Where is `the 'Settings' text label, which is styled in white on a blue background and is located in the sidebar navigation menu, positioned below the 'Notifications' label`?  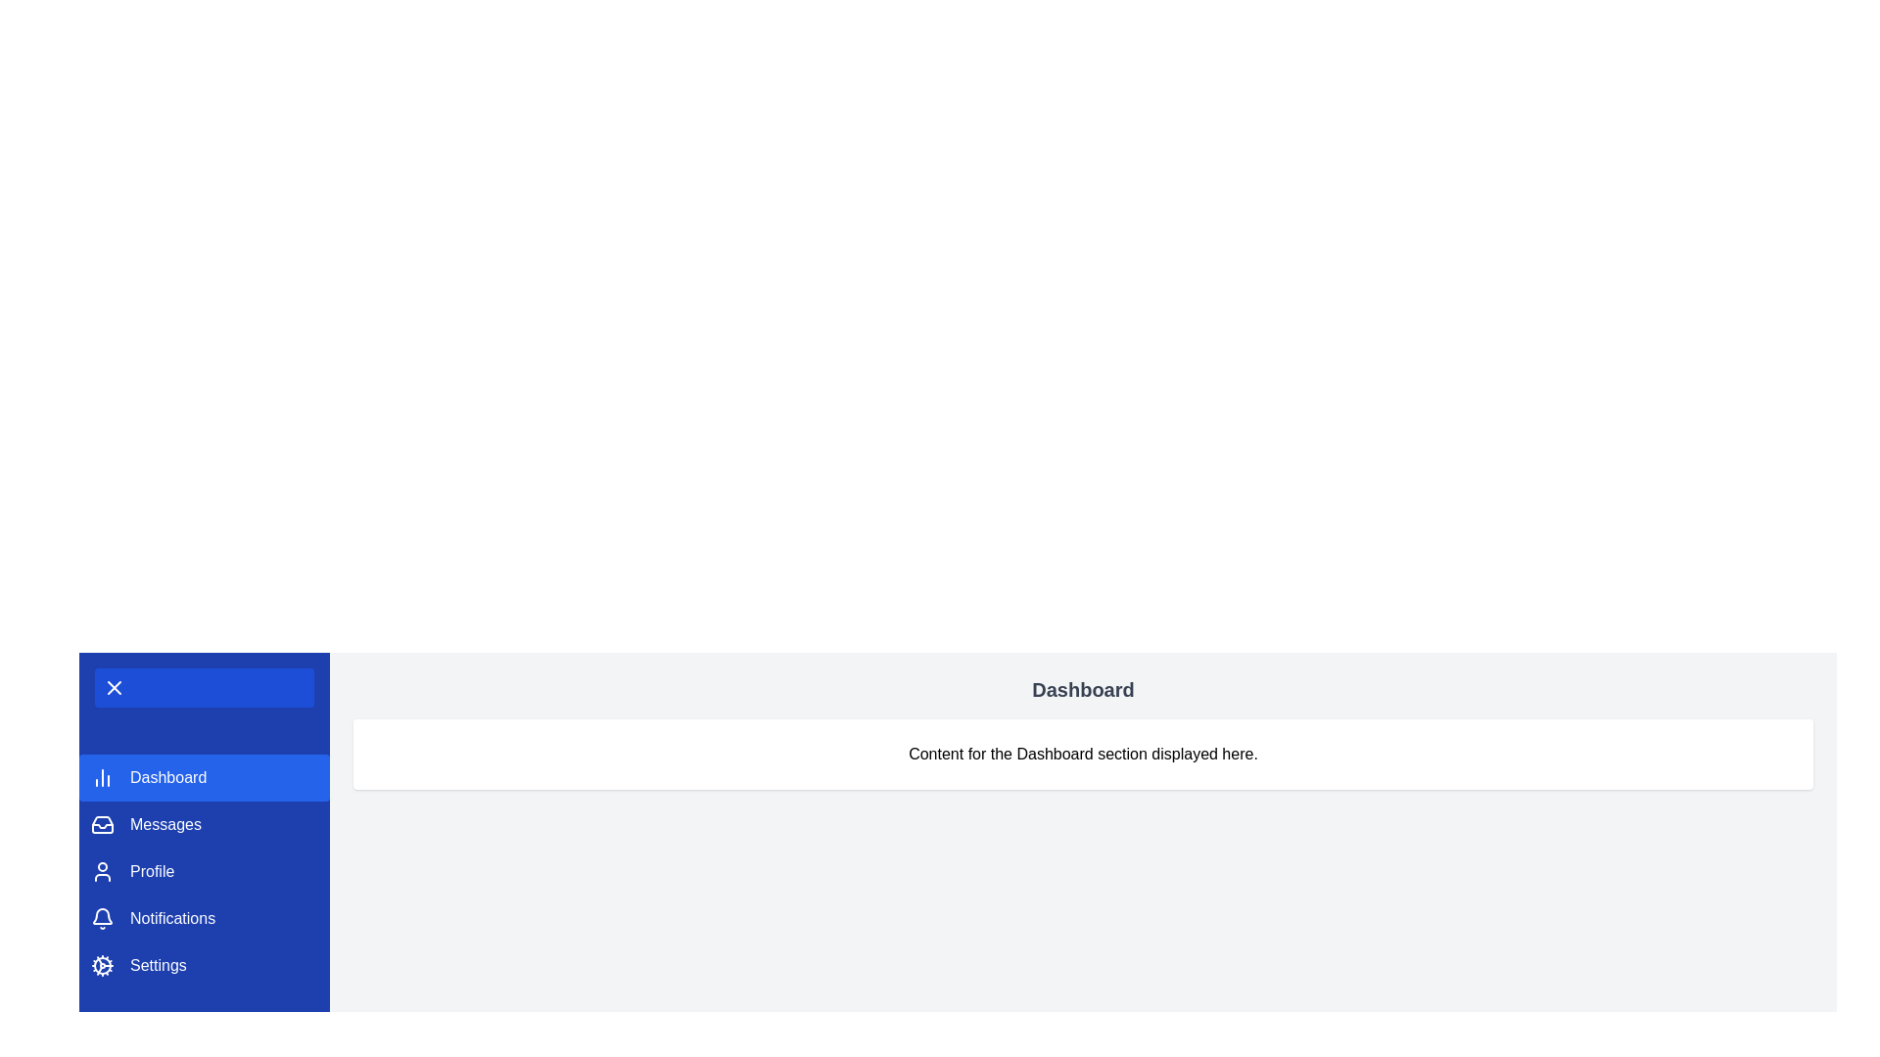
the 'Settings' text label, which is styled in white on a blue background and is located in the sidebar navigation menu, positioned below the 'Notifications' label is located at coordinates (158, 965).